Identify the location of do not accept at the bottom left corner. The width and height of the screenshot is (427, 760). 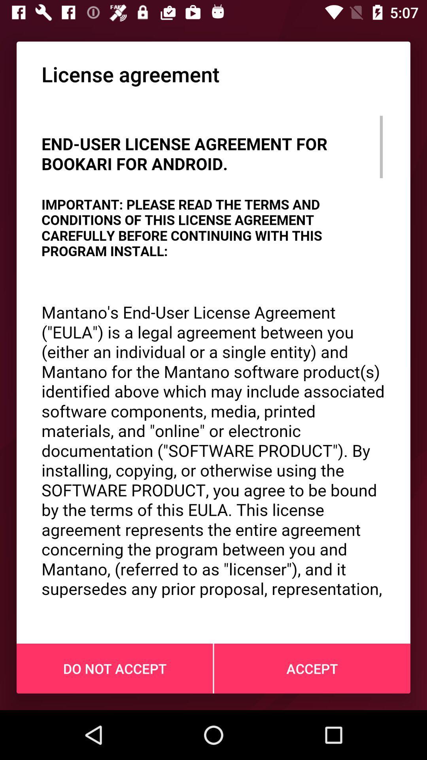
(115, 668).